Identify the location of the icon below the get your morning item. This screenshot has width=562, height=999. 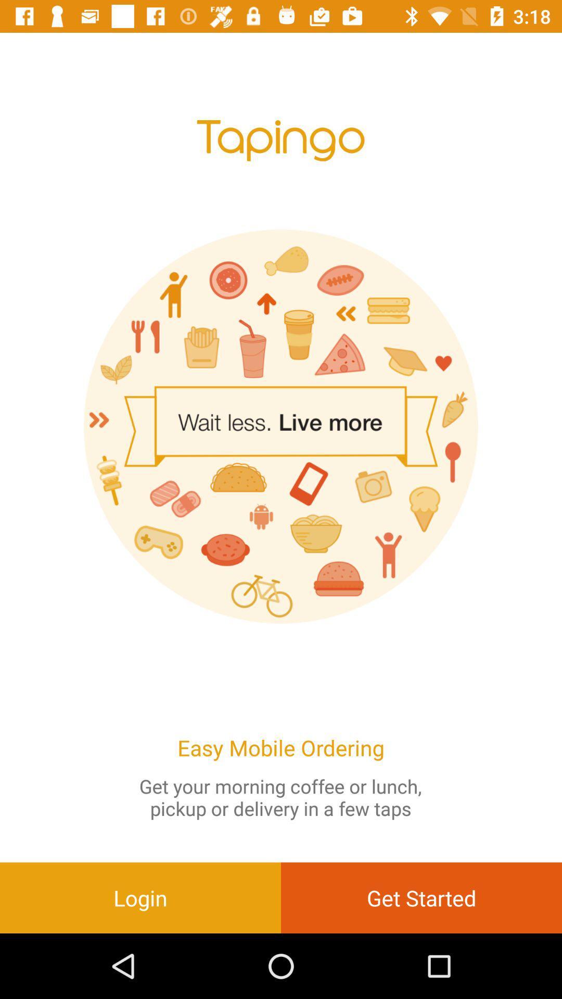
(421, 897).